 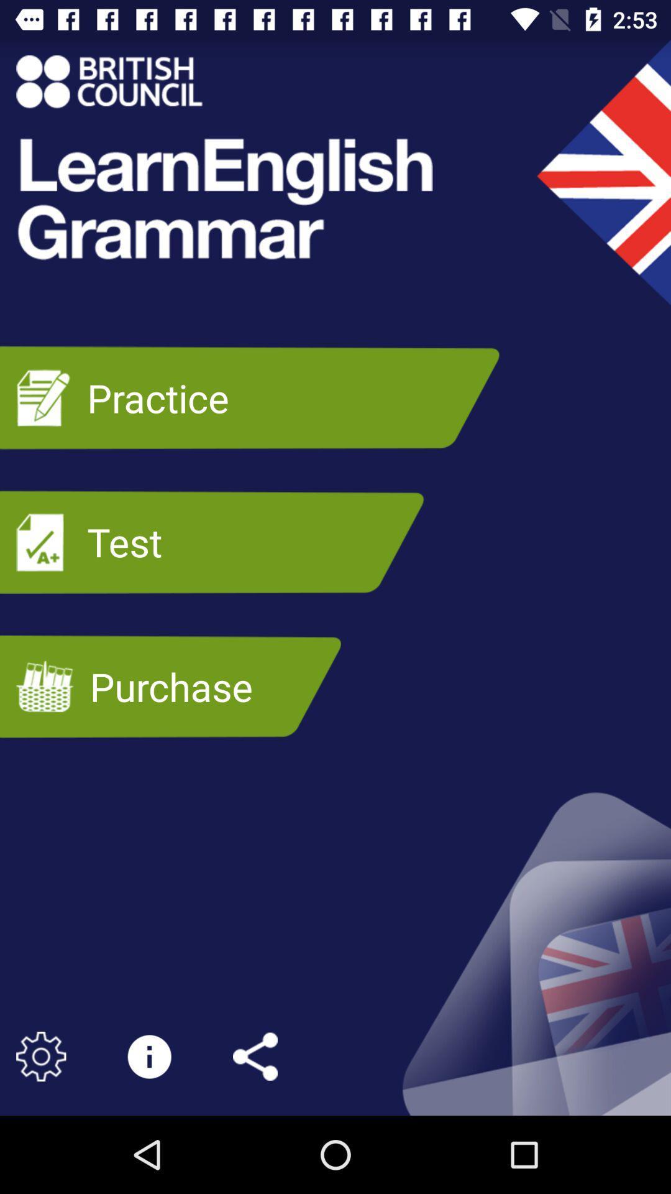 What do you see at coordinates (255, 1056) in the screenshot?
I see `the share icon` at bounding box center [255, 1056].